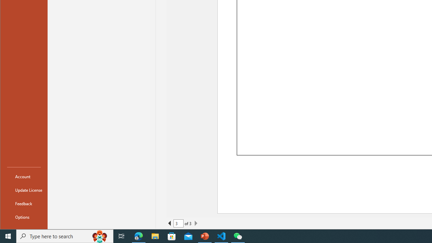  Describe the element at coordinates (238, 236) in the screenshot. I see `'WeChat - 1 running window'` at that location.